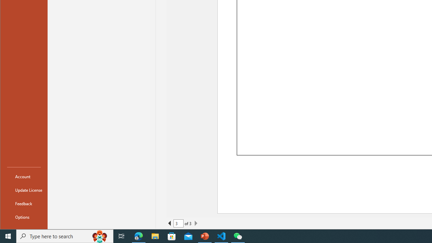  Describe the element at coordinates (238, 236) in the screenshot. I see `'WeChat - 1 running window'` at that location.